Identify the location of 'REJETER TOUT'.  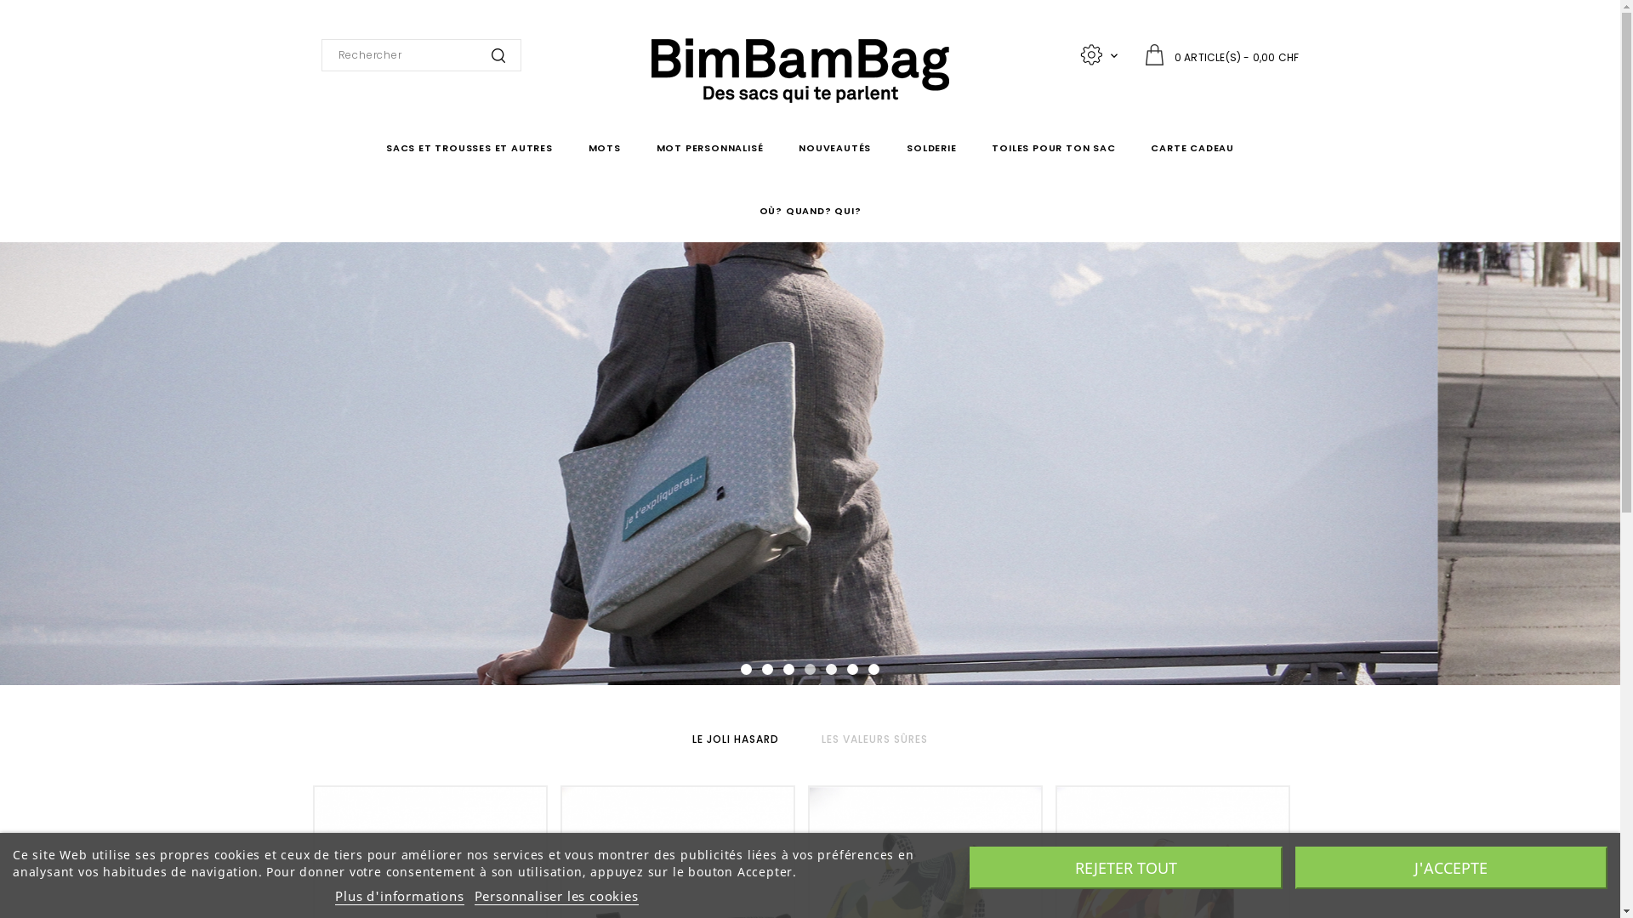
(1126, 868).